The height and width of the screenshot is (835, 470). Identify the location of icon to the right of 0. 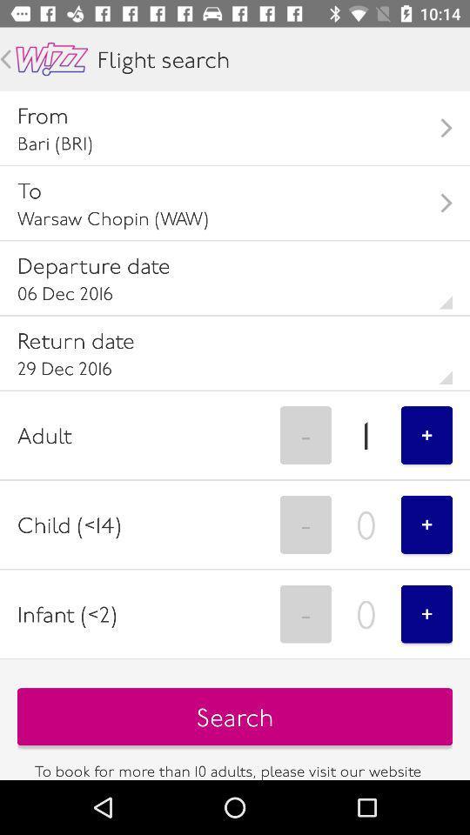
(426, 524).